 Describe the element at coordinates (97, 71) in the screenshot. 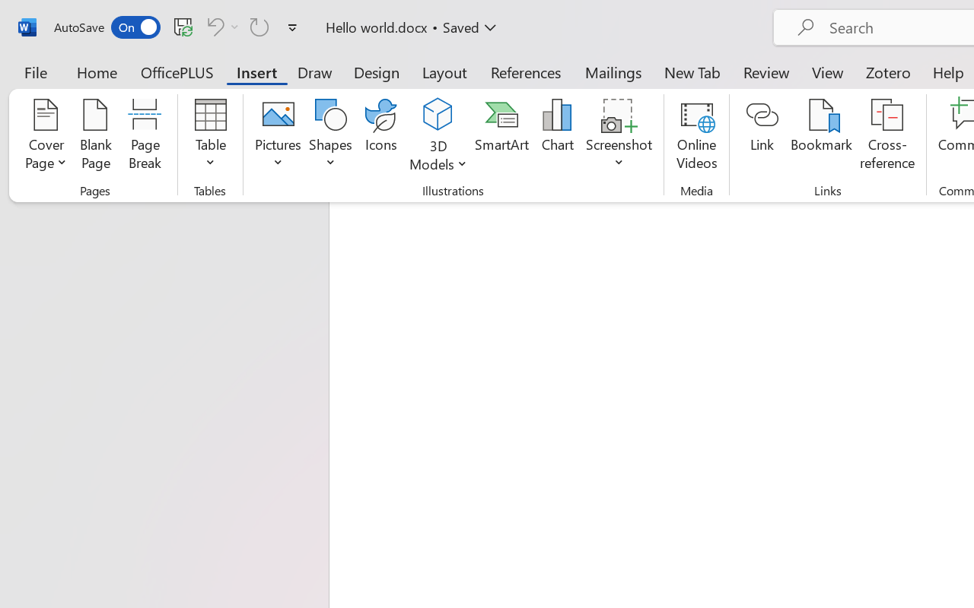

I see `'Home'` at that location.